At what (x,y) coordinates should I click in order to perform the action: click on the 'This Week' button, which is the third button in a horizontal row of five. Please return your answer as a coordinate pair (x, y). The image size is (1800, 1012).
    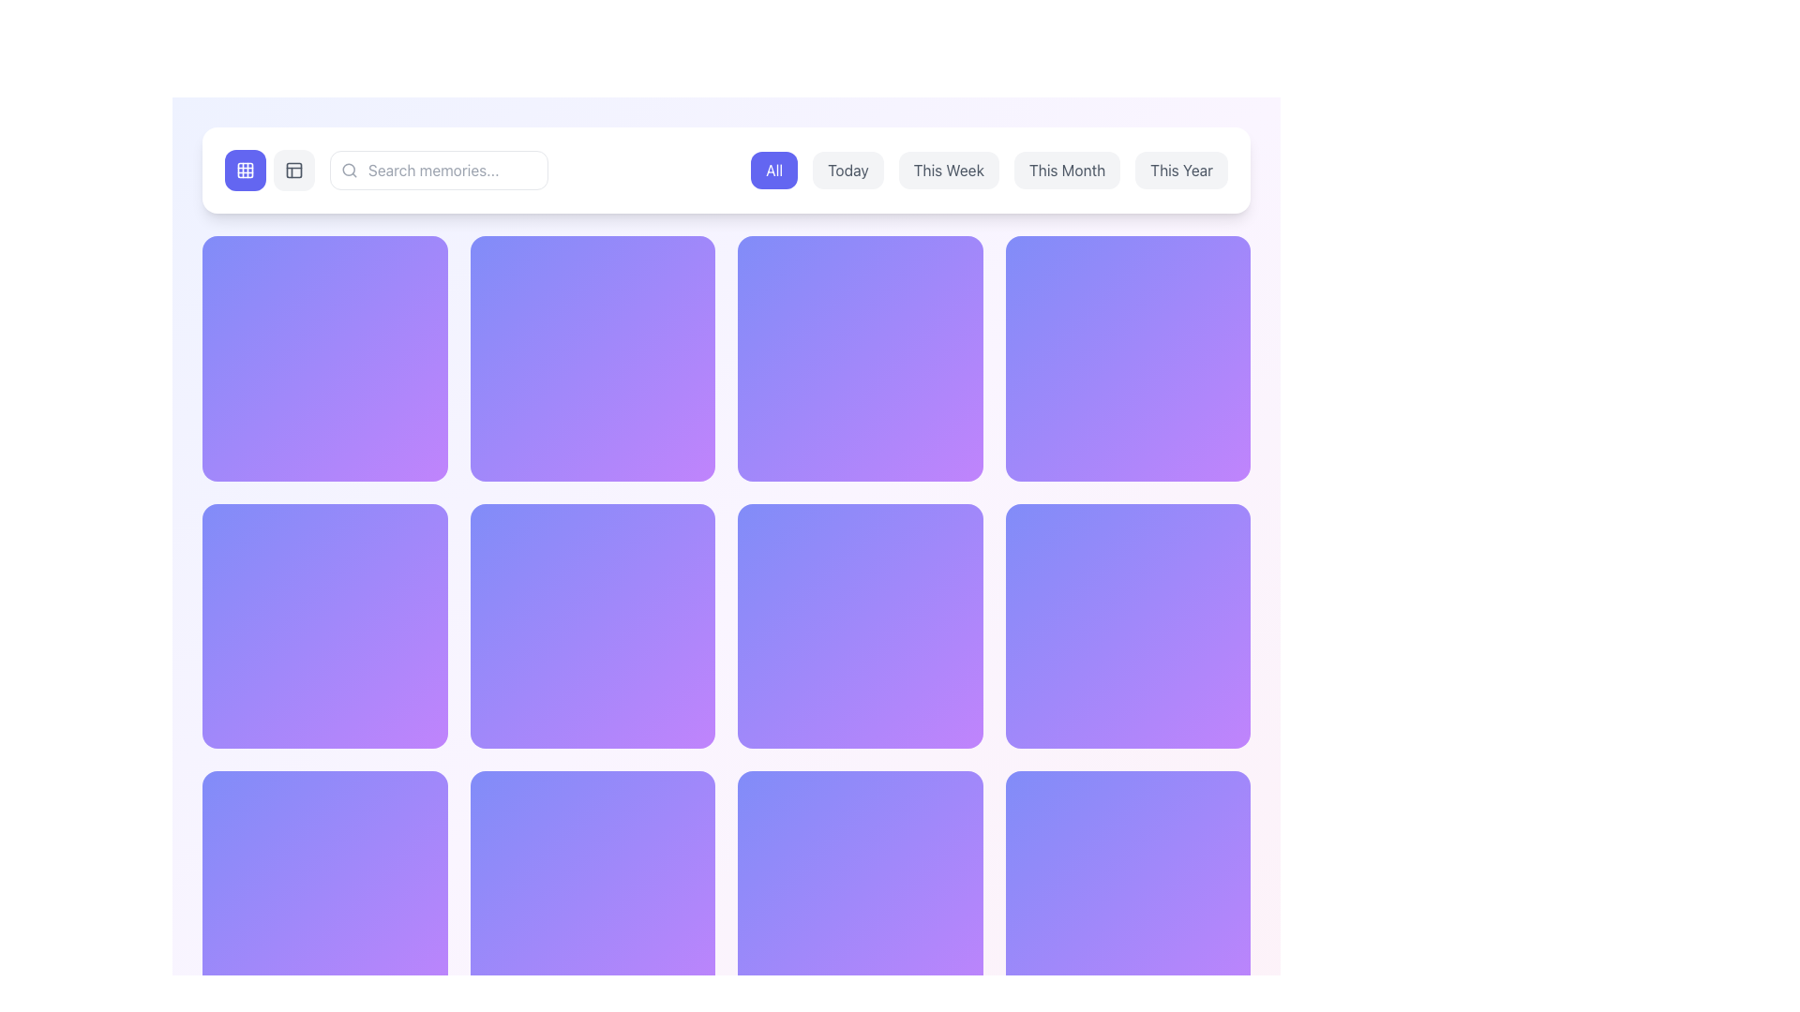
    Looking at the image, I should click on (949, 170).